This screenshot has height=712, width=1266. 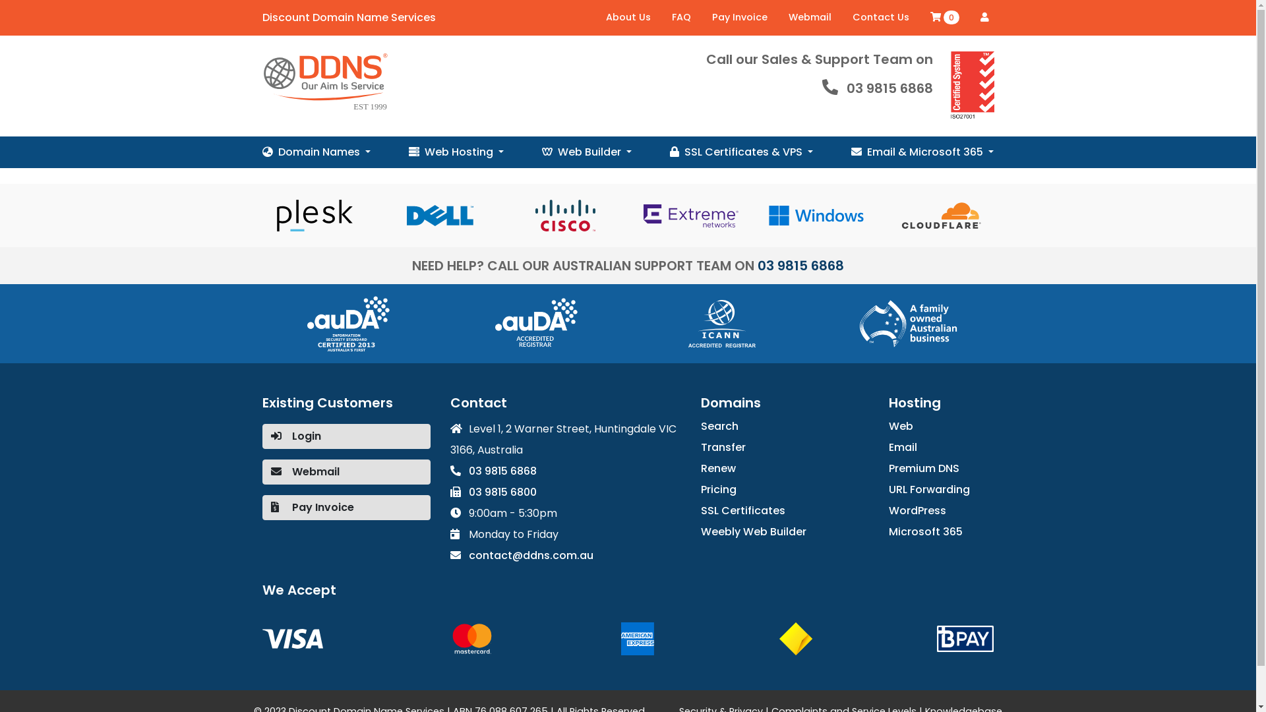 I want to click on 'Premium DNS', so click(x=940, y=467).